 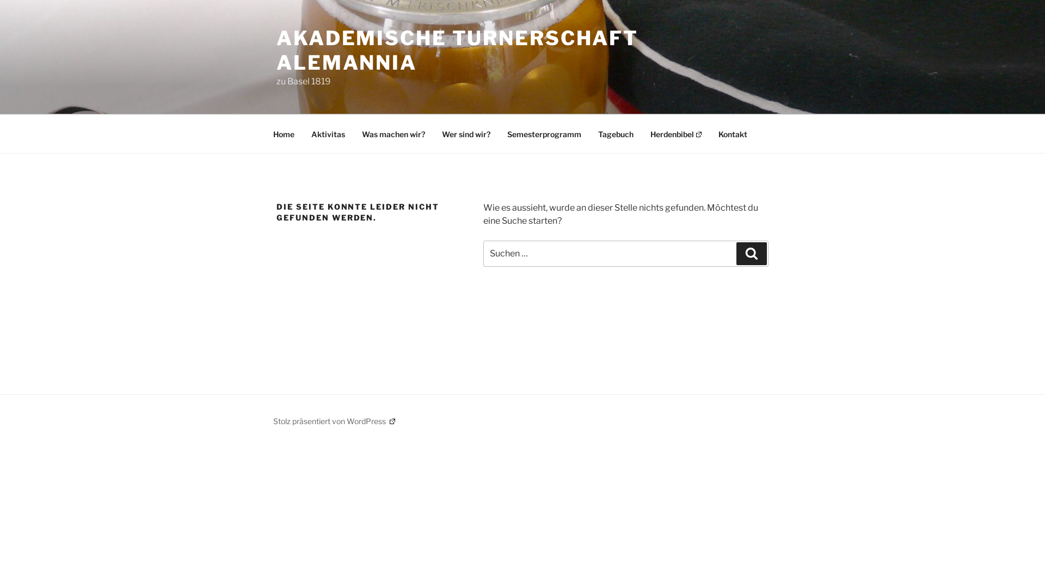 I want to click on 'Wer sind wir?', so click(x=433, y=133).